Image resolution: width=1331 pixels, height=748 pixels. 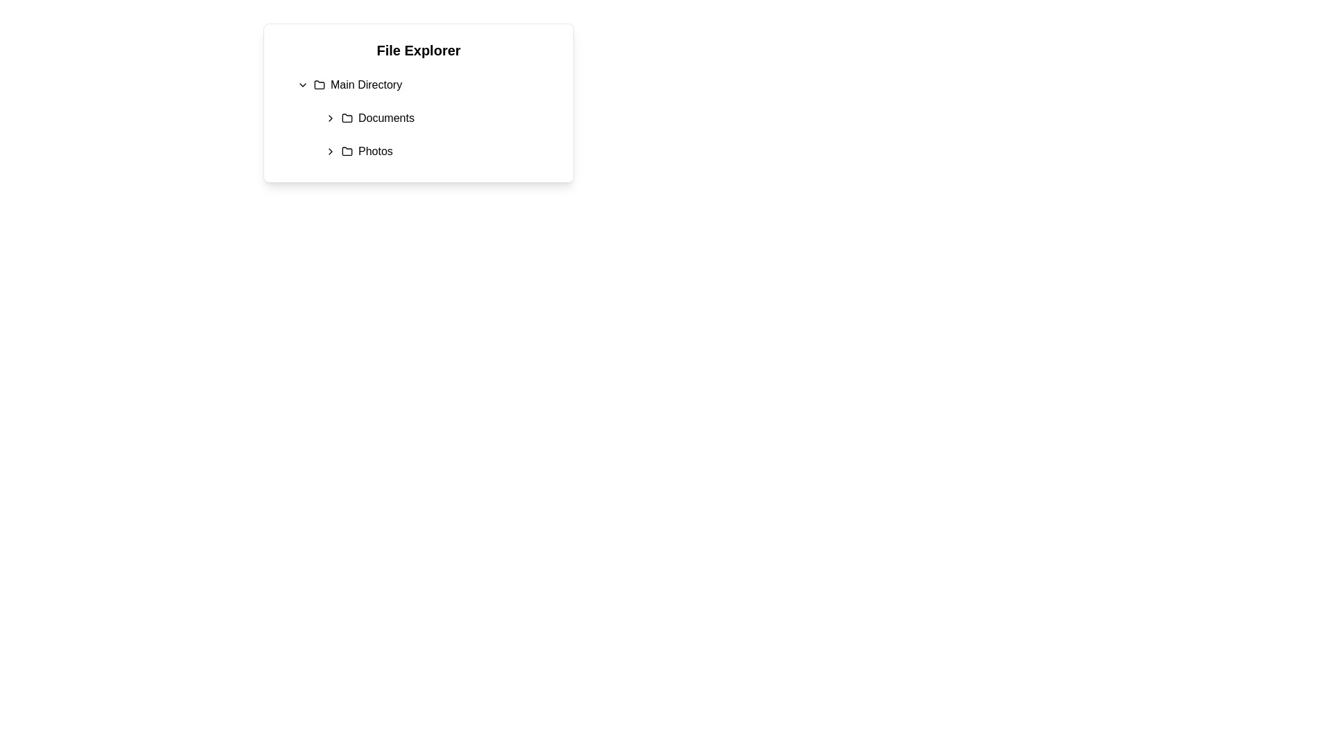 I want to click on the 'Main Directory' text label, which is bold and black, located next to a folder icon in the 'File Explorer' interface, so click(x=366, y=85).